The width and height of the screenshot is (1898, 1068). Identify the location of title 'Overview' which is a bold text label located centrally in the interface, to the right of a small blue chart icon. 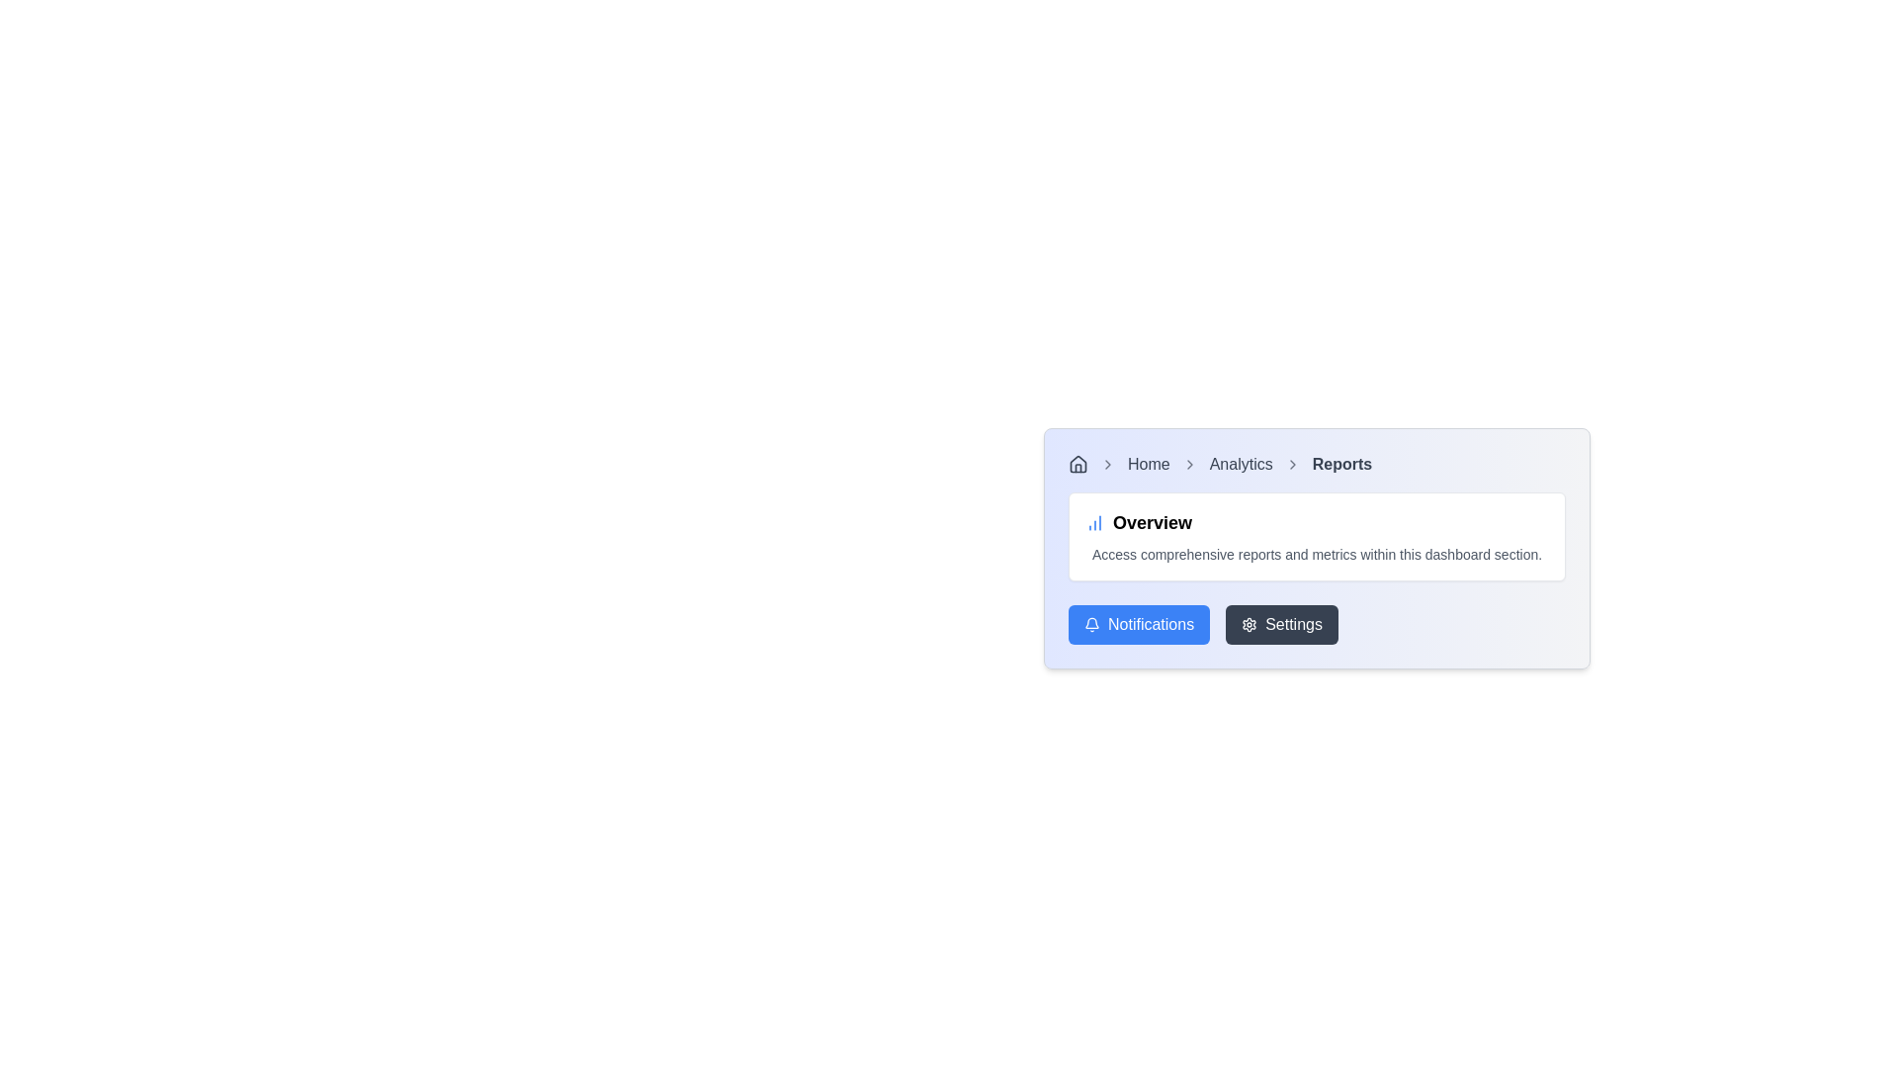
(1153, 521).